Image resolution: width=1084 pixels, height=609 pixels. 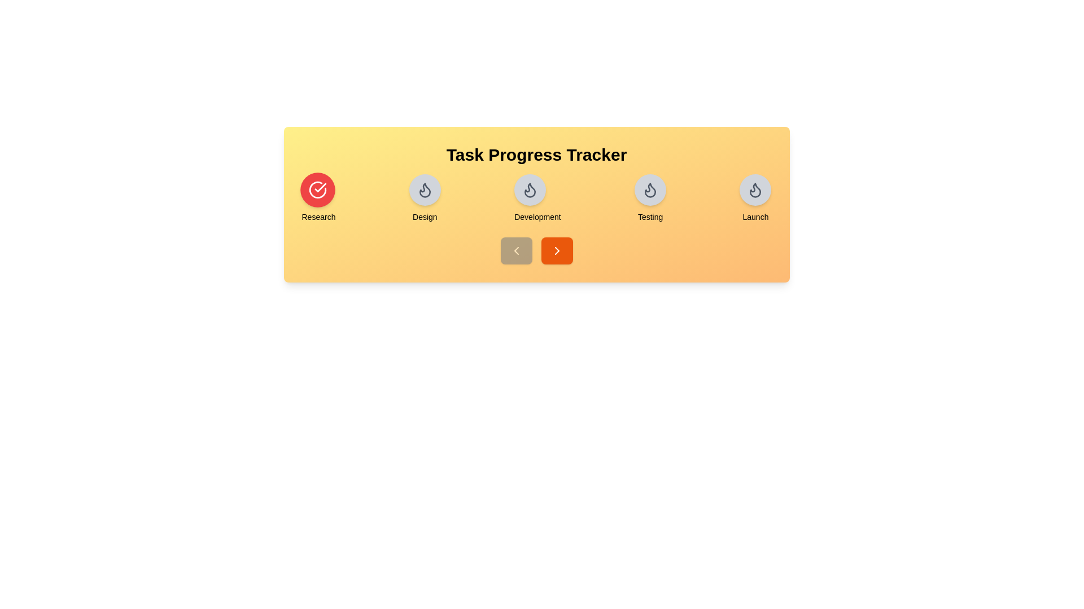 I want to click on the rightmost vibrant orange button with a white chevron-right icon, so click(x=557, y=250).